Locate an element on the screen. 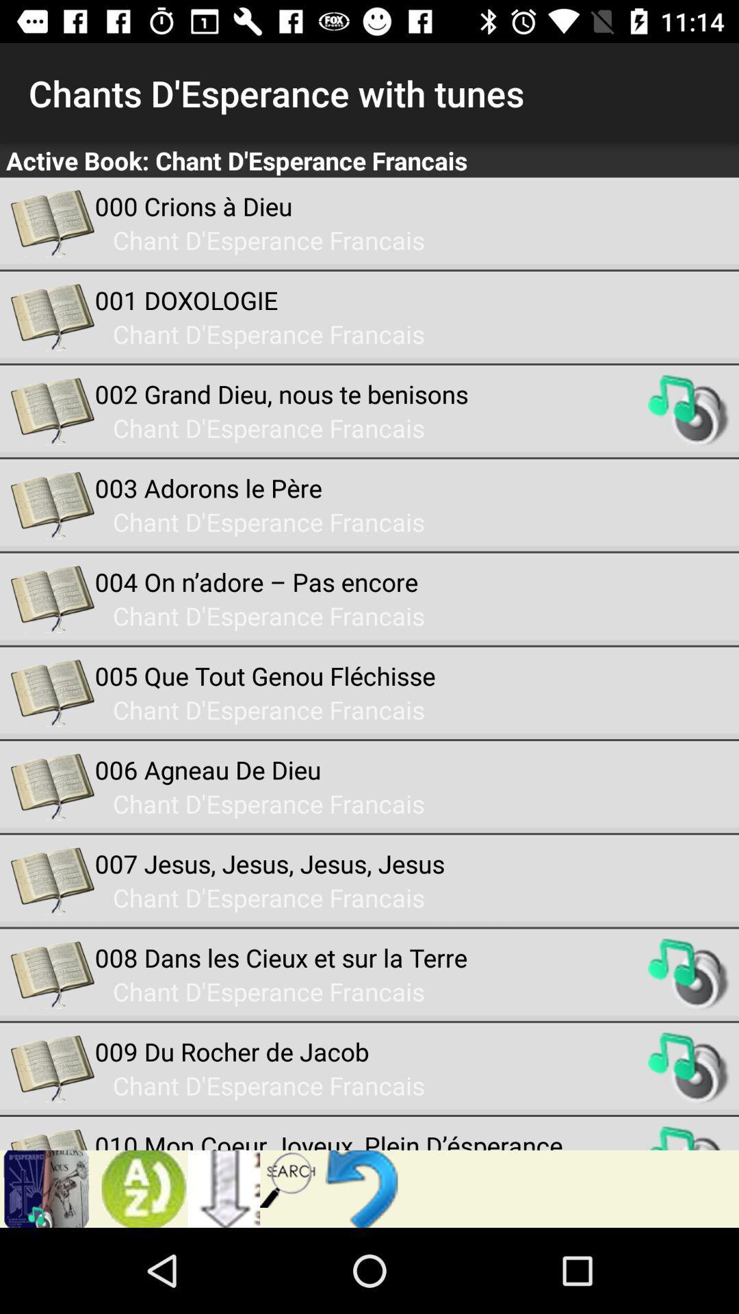 This screenshot has width=739, height=1314. the undo icon is located at coordinates (364, 1188).